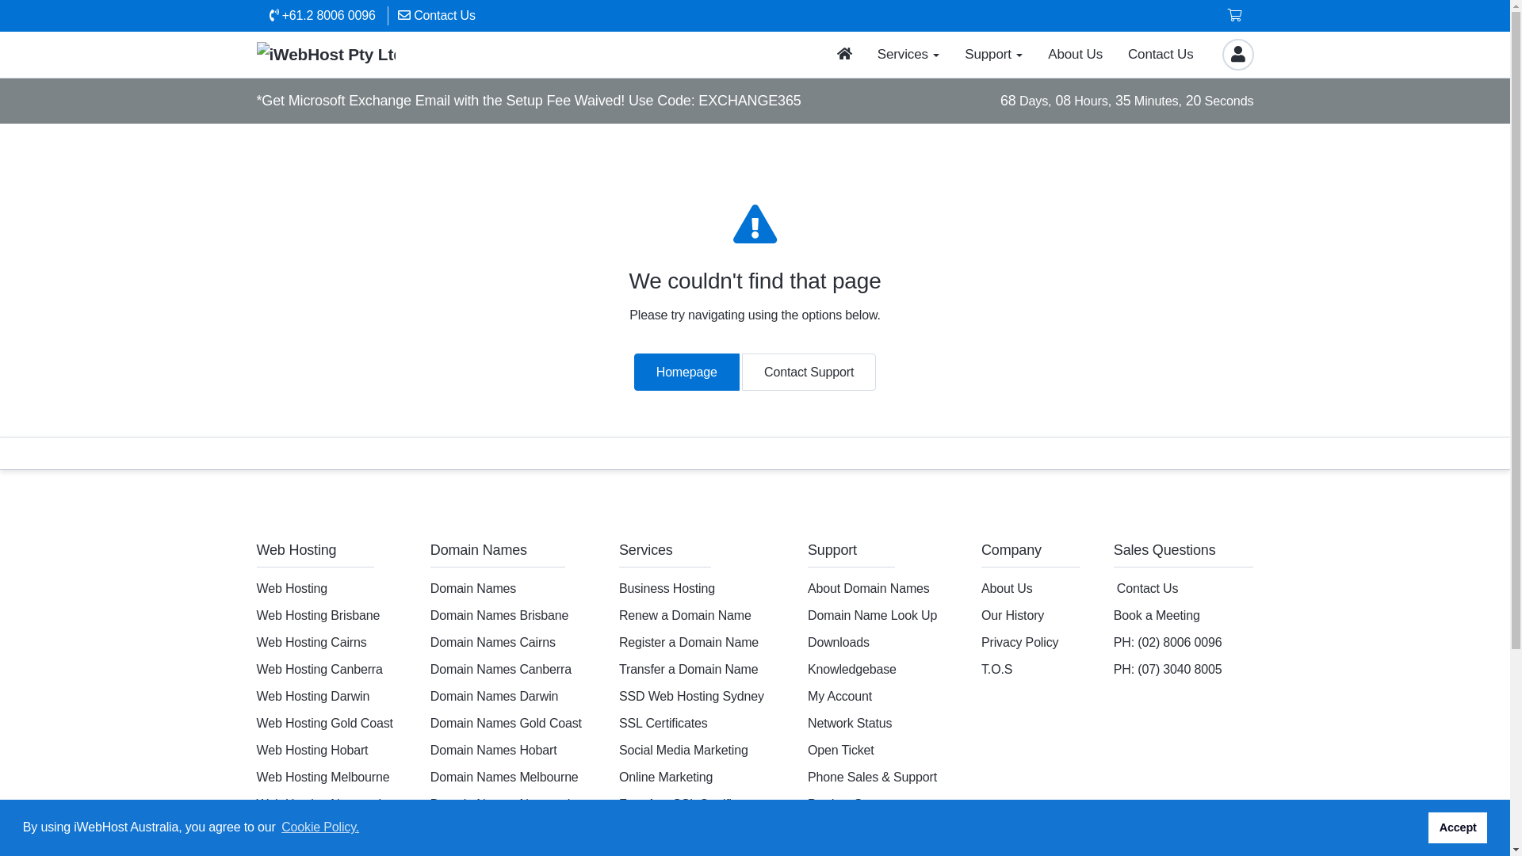 The width and height of the screenshot is (1522, 856). What do you see at coordinates (313, 695) in the screenshot?
I see `'Web Hosting Darwin'` at bounding box center [313, 695].